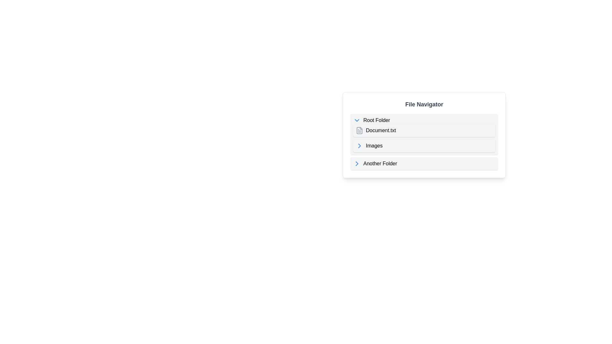  What do you see at coordinates (424, 142) in the screenshot?
I see `an item in the nested directory structure of the 'File Navigator'` at bounding box center [424, 142].